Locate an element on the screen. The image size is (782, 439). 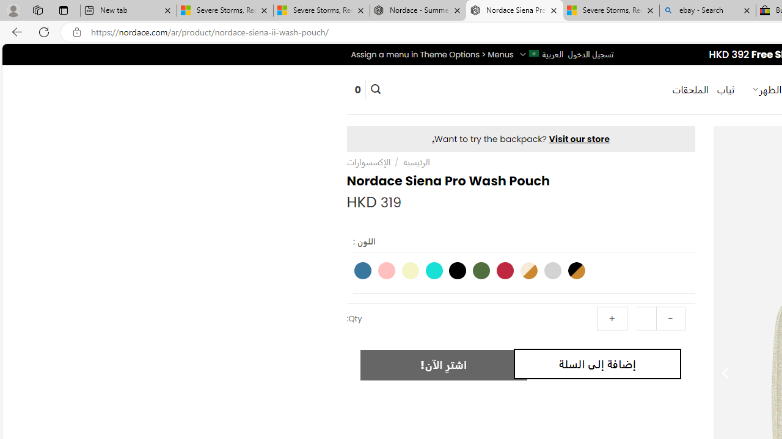
'Nordace - Summer Adventures 2024' is located at coordinates (418, 10).